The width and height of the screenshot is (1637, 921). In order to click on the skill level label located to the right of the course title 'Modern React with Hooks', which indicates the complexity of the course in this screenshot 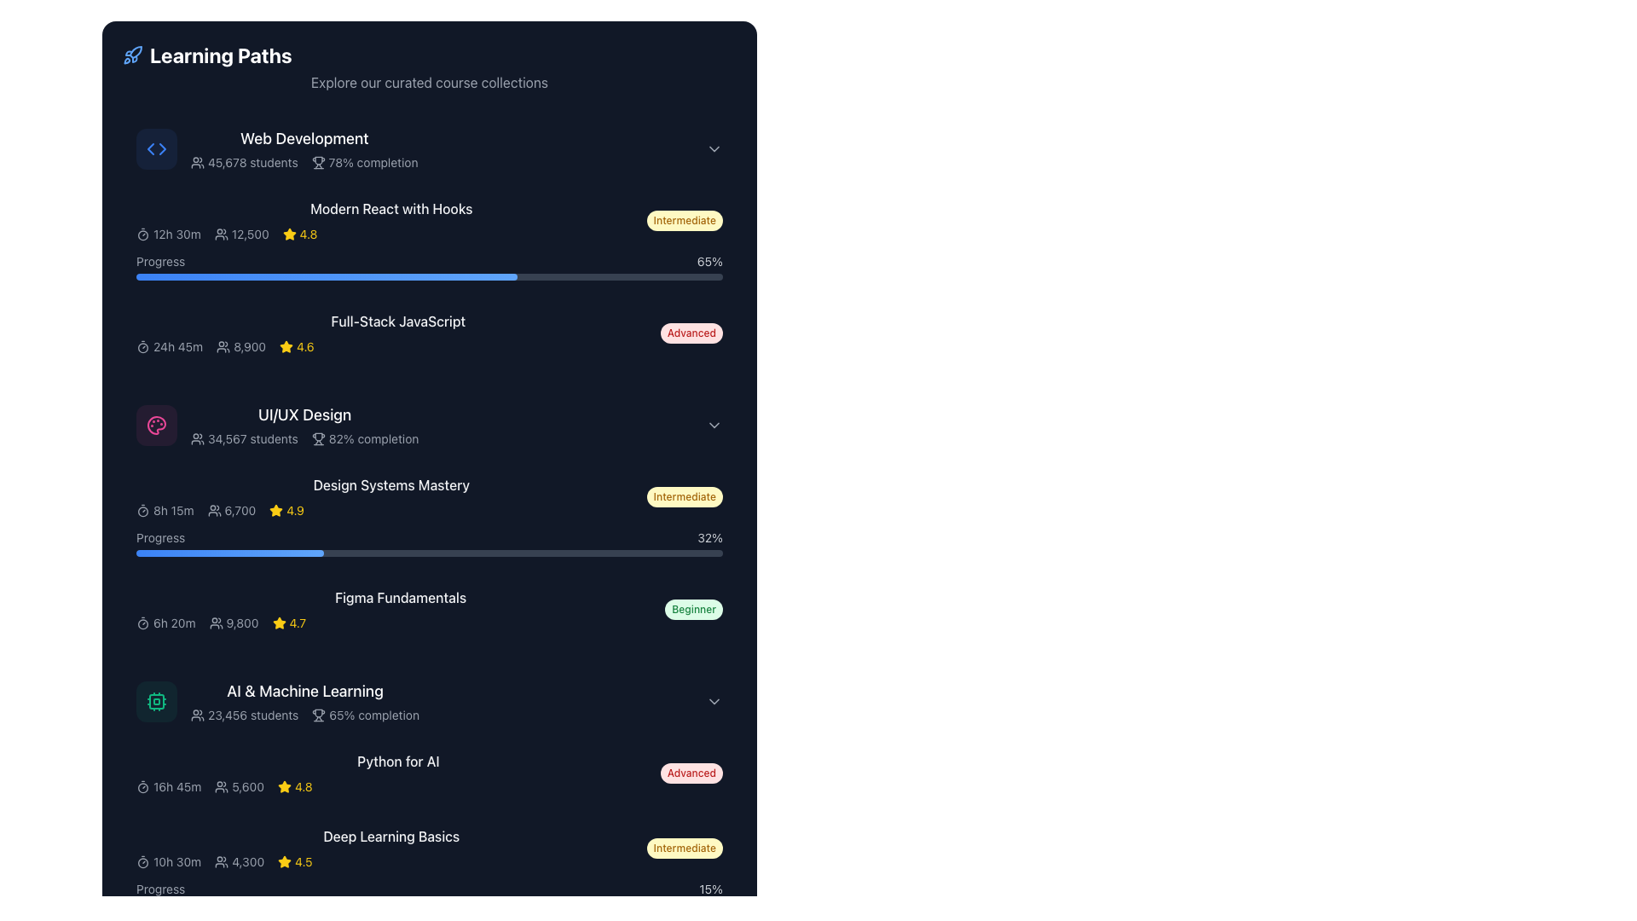, I will do `click(685, 219)`.